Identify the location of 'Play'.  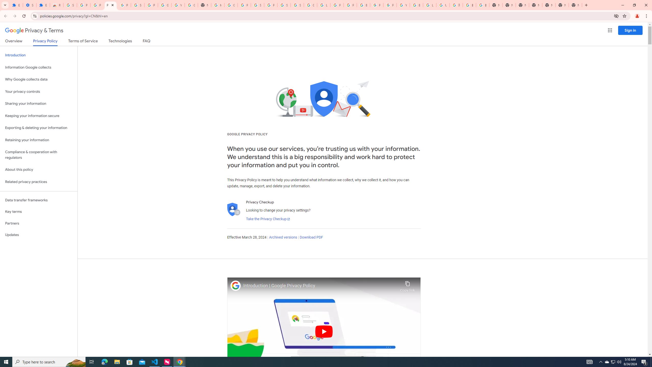
(324, 331).